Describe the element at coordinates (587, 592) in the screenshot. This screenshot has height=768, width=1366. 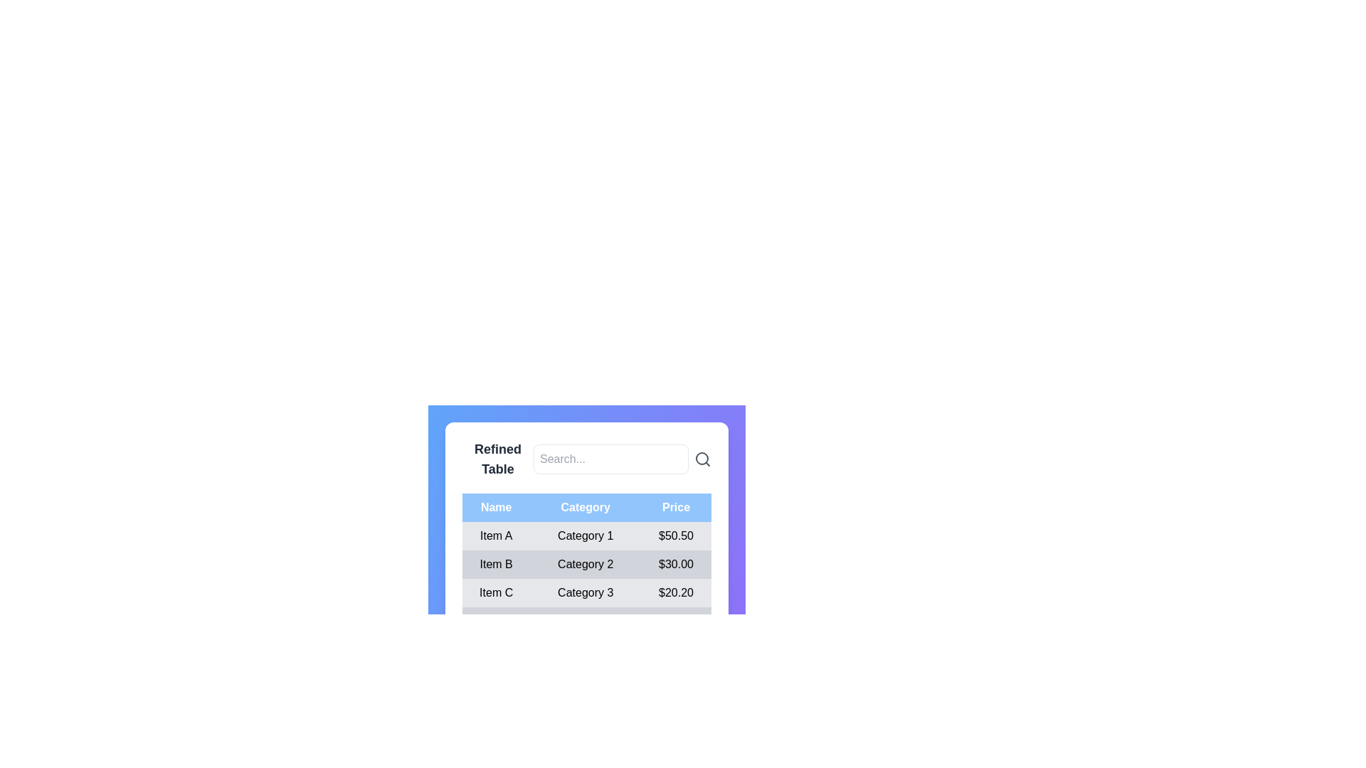
I see `the third row of the table that displays data for items, located between 'Item B' and 'Item D'` at that location.